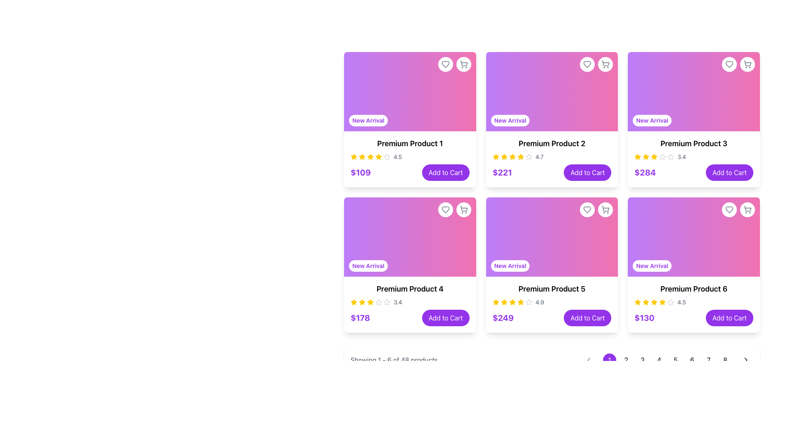 The image size is (793, 446). I want to click on the heart button in the top-right corner of the 'Premium Product 1' card to mark the product as a favorite, so click(445, 209).